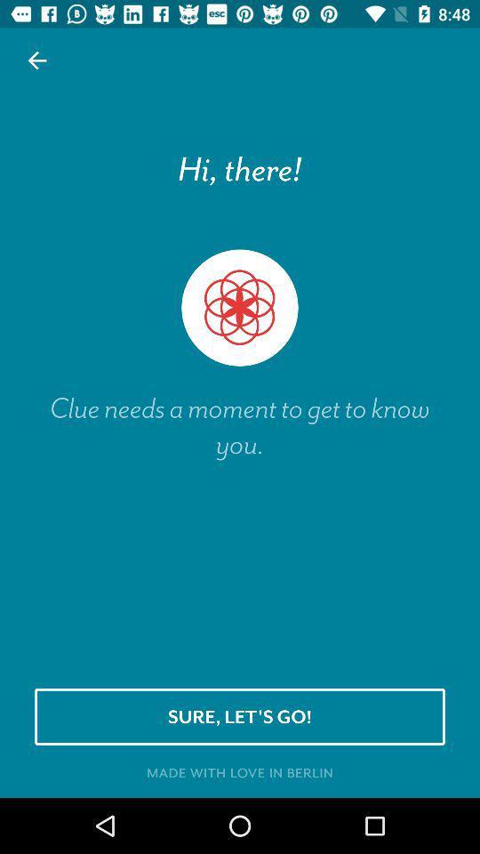  What do you see at coordinates (37, 60) in the screenshot?
I see `go back` at bounding box center [37, 60].